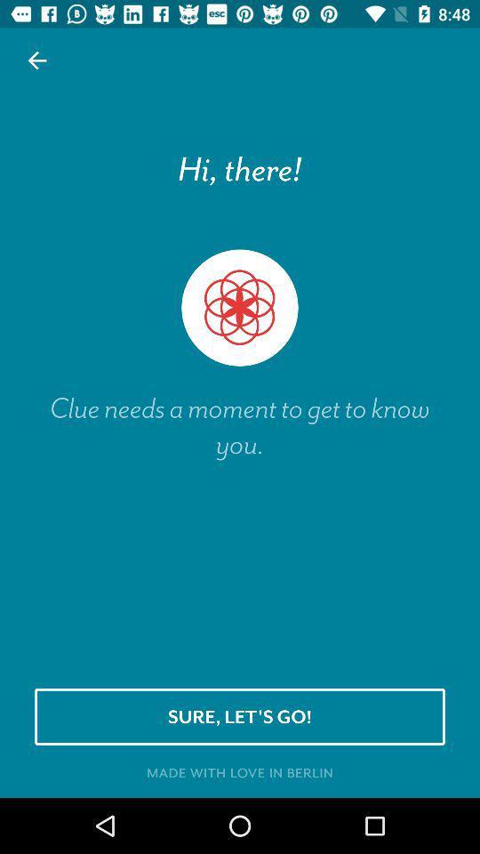  What do you see at coordinates (37, 60) in the screenshot?
I see `go back` at bounding box center [37, 60].